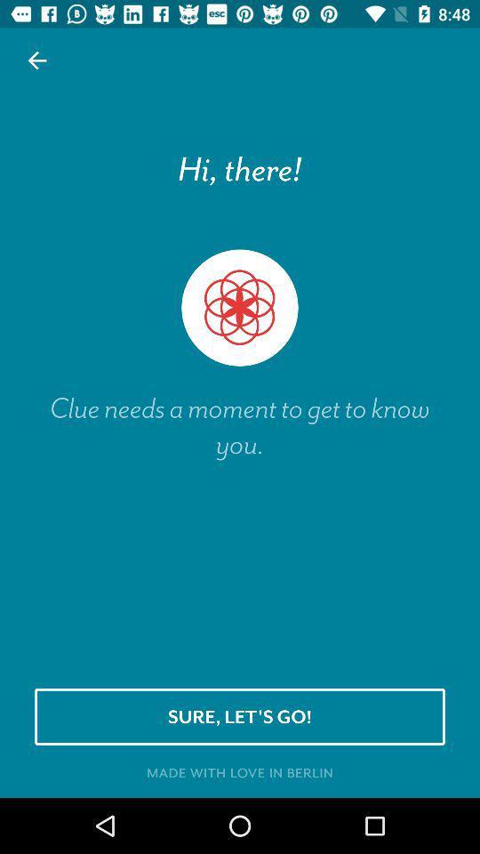  What do you see at coordinates (37, 60) in the screenshot?
I see `go back` at bounding box center [37, 60].